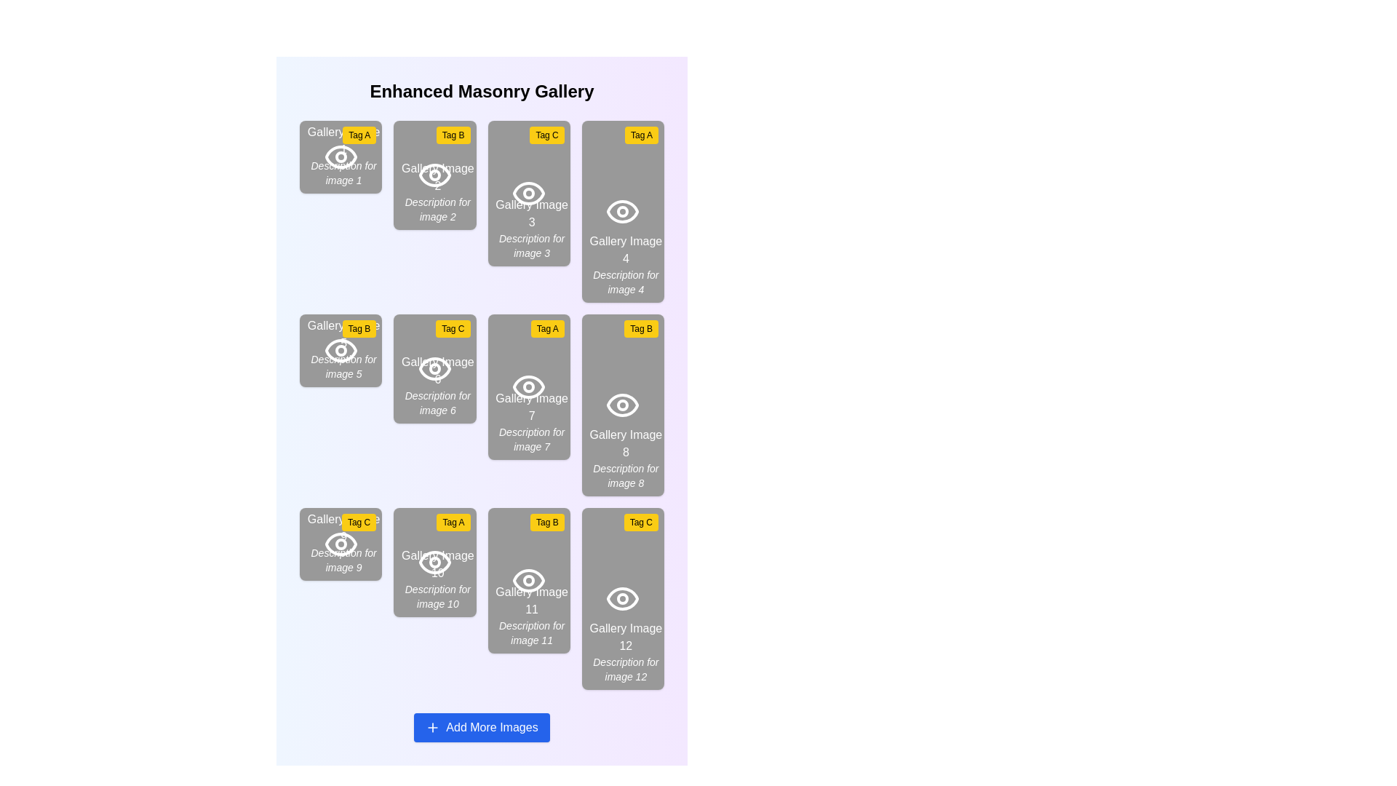 The height and width of the screenshot is (786, 1397). I want to click on text of the Static Text Label that identifies the gallery item for image 3, positioned centrally in the third row of the gallery, so click(531, 213).